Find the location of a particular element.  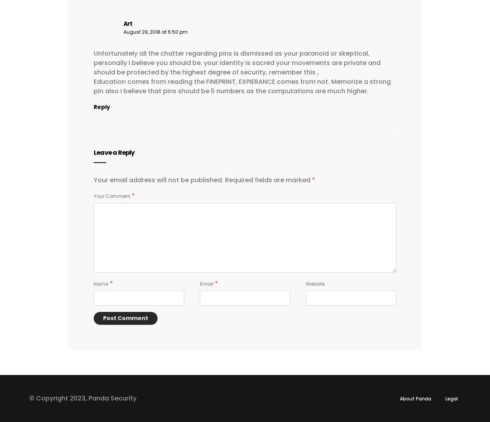

'Leave a Reply' is located at coordinates (93, 152).